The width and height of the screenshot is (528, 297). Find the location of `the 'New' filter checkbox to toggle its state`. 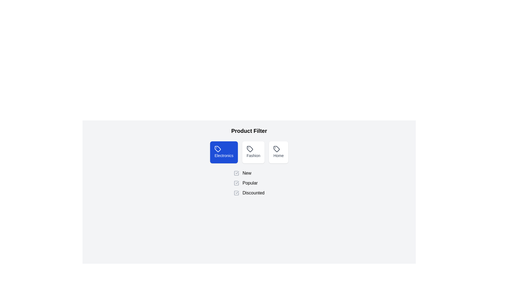

the 'New' filter checkbox to toggle its state is located at coordinates (236, 173).